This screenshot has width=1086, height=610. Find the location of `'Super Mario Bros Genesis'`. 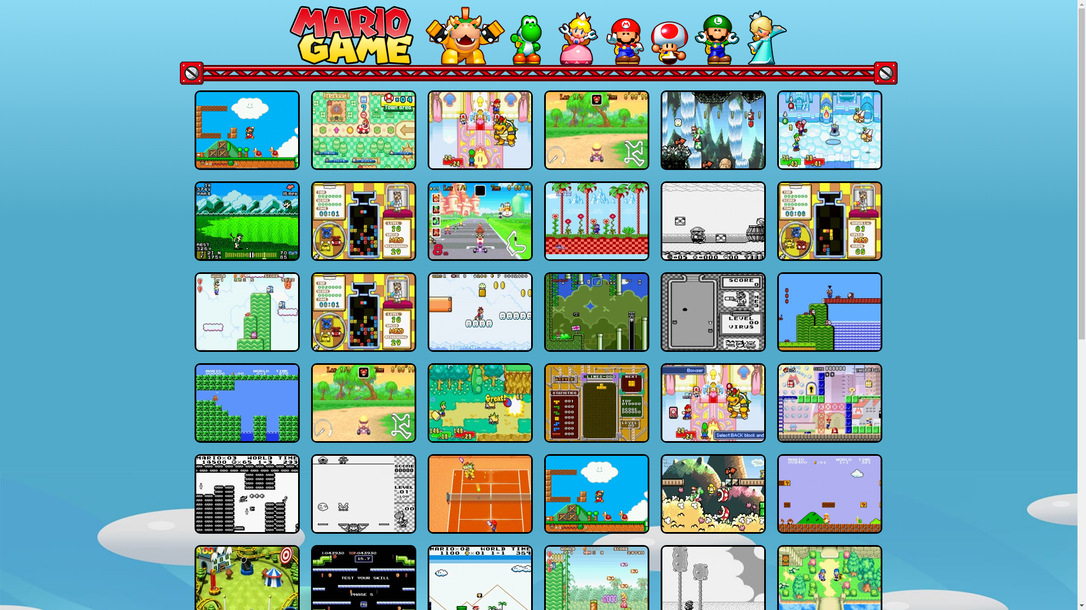

'Super Mario Bros Genesis' is located at coordinates (830, 492).